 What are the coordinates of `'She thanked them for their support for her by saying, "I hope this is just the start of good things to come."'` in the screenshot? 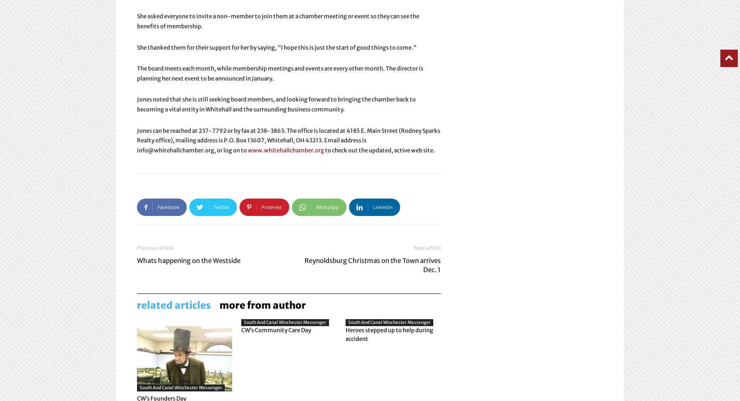 It's located at (277, 47).